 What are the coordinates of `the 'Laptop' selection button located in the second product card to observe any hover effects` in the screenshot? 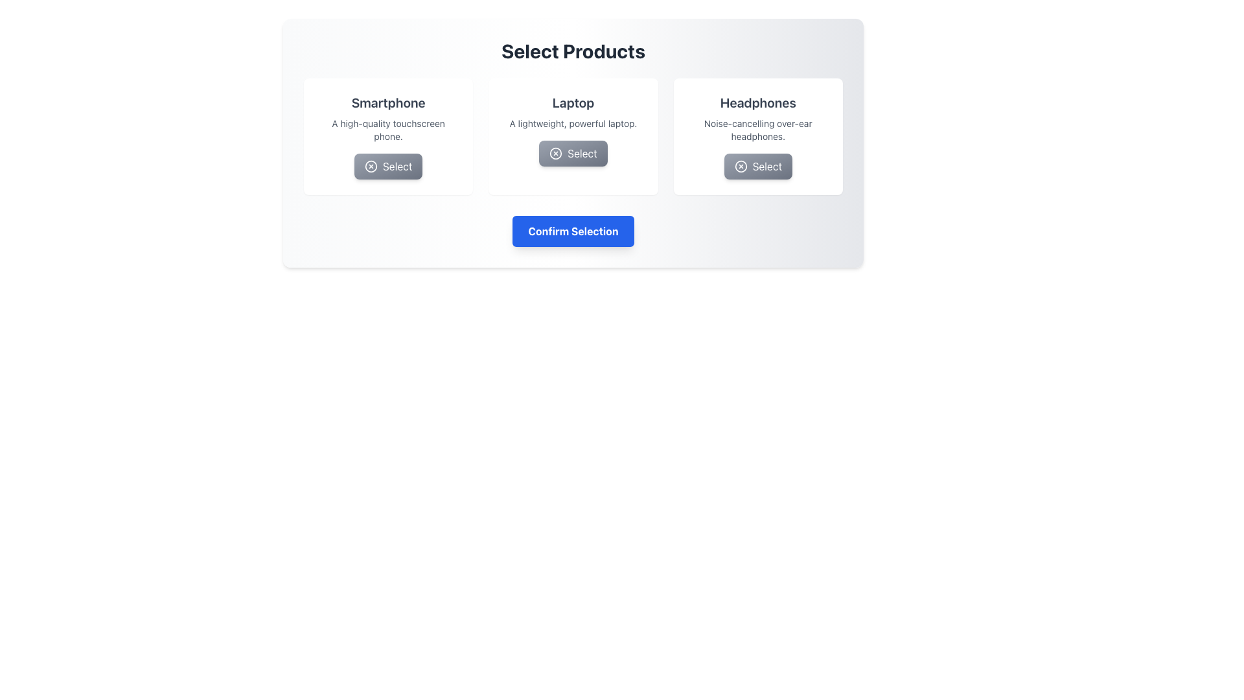 It's located at (572, 152).